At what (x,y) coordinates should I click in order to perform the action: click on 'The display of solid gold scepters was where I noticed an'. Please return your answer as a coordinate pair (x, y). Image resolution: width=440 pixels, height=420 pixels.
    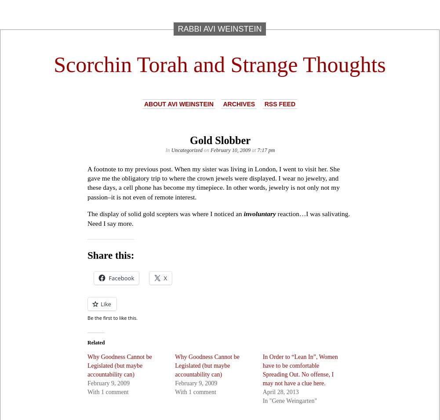
    Looking at the image, I should click on (165, 213).